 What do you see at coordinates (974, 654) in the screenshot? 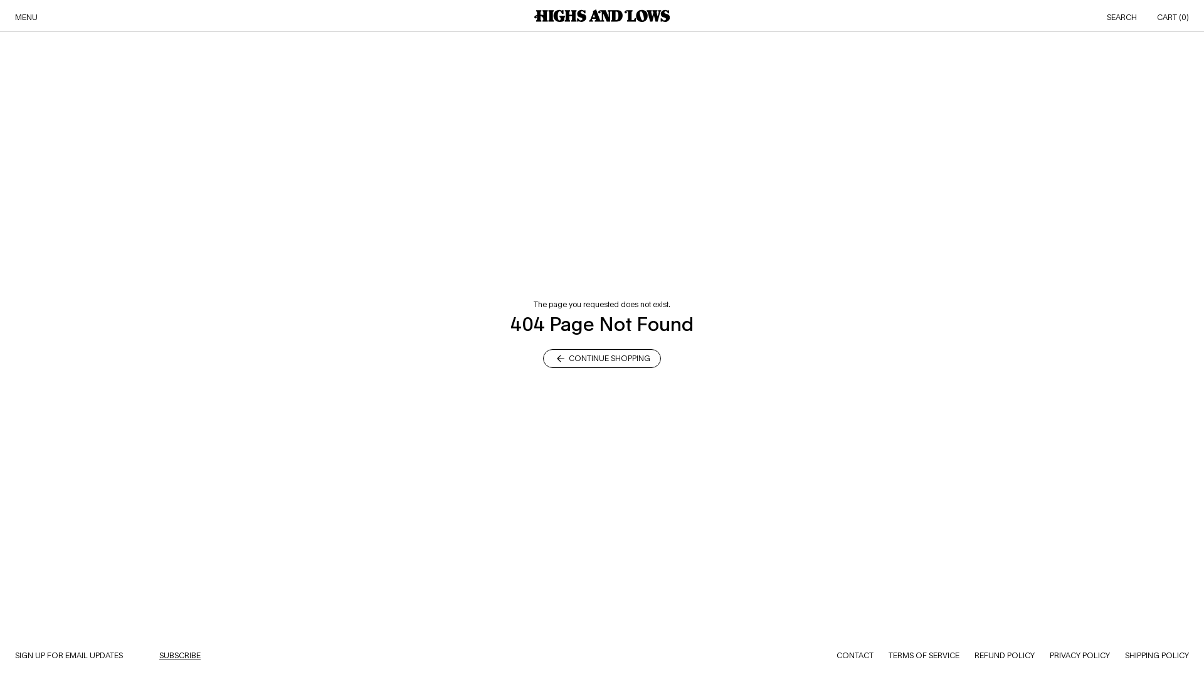
I see `'REFUND POLICY'` at bounding box center [974, 654].